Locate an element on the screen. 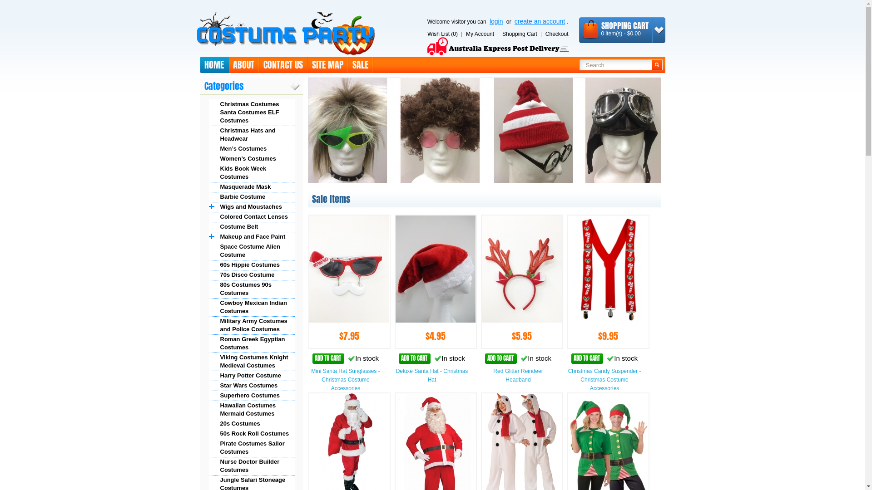 The image size is (872, 490). 'Hawaiian Costumes Mermaid Costumes' is located at coordinates (252, 409).